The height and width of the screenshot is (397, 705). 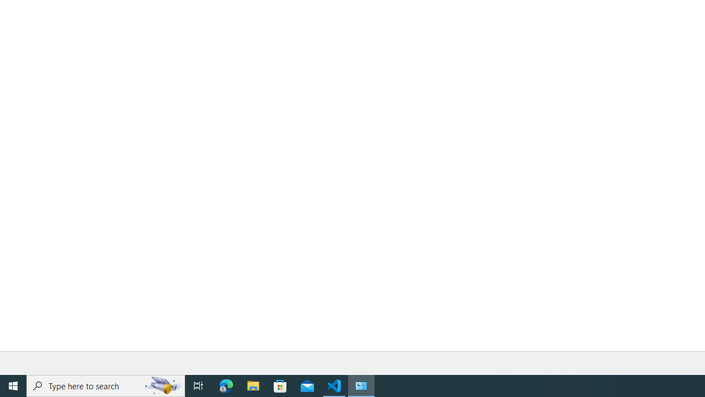 I want to click on 'Control Panel - 1 running window', so click(x=361, y=385).